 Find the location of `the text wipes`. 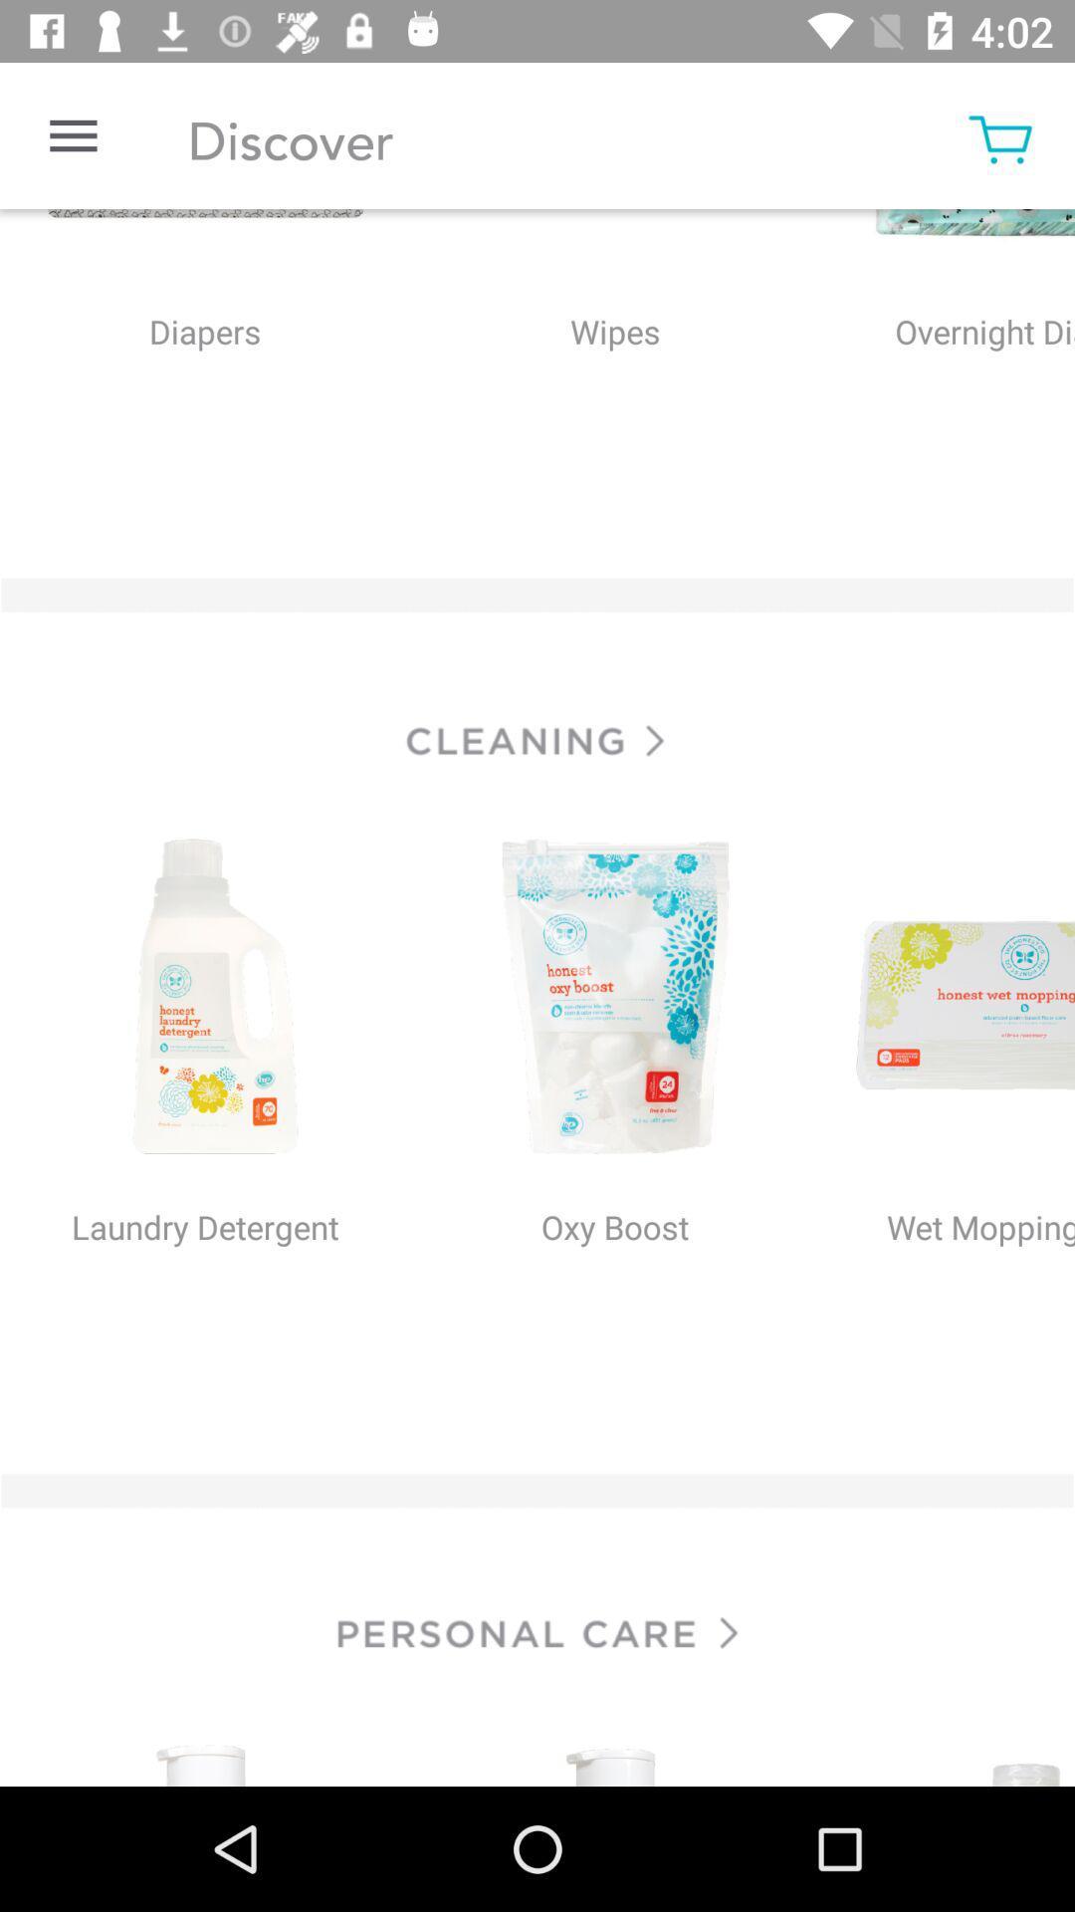

the text wipes is located at coordinates (613, 373).